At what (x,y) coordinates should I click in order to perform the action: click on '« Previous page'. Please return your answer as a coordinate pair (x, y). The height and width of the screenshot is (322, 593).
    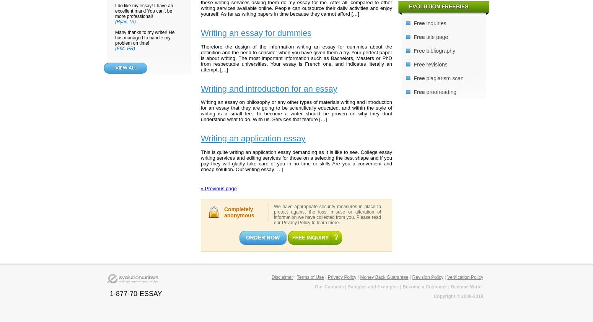
    Looking at the image, I should click on (218, 188).